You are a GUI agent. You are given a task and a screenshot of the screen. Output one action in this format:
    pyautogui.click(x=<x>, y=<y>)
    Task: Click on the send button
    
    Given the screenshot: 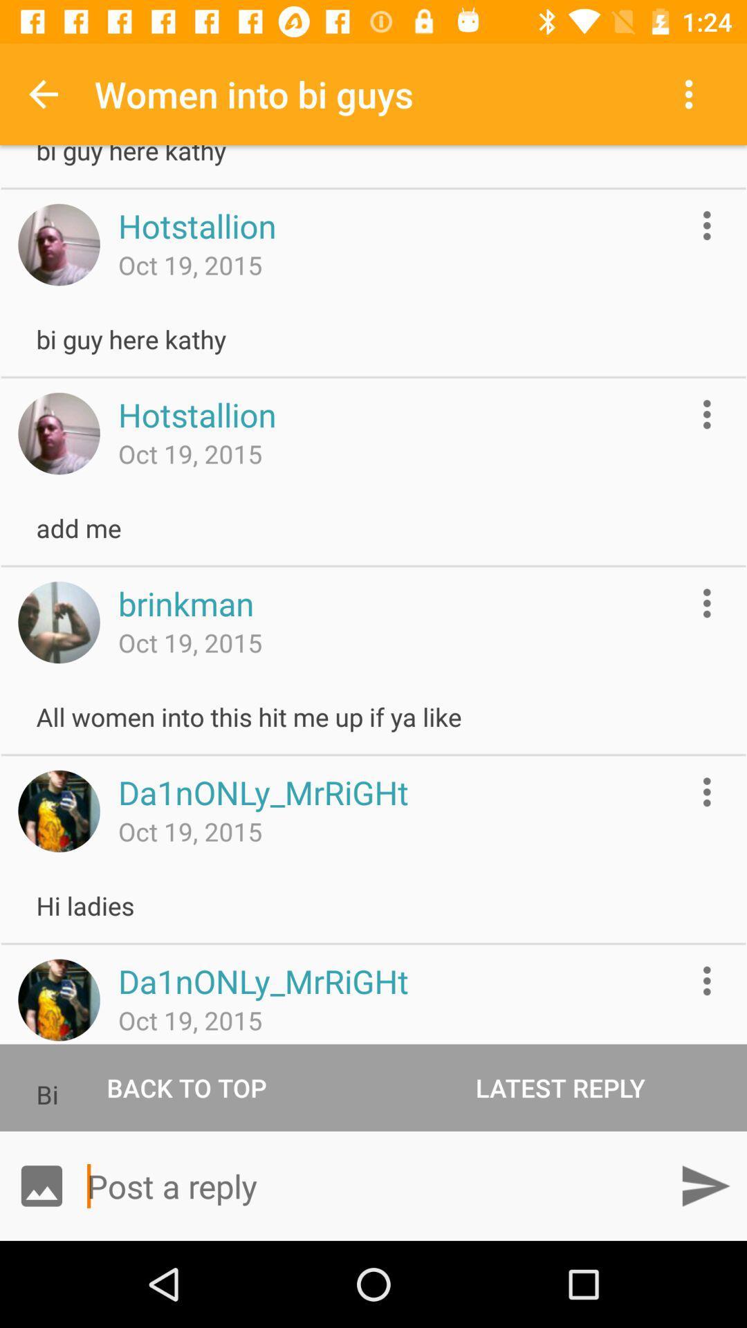 What is the action you would take?
    pyautogui.click(x=705, y=1185)
    